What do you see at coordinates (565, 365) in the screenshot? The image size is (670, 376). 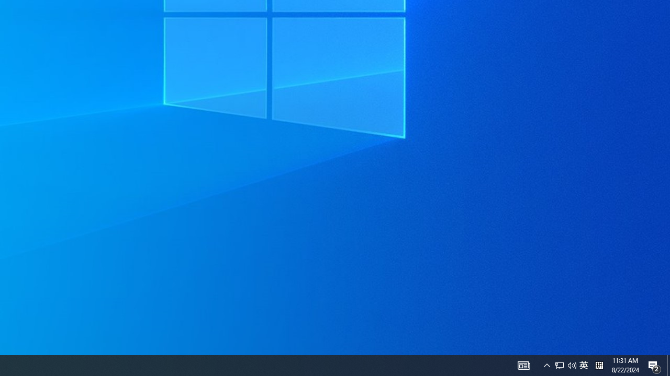 I see `'User Promoted Notification Area'` at bounding box center [565, 365].